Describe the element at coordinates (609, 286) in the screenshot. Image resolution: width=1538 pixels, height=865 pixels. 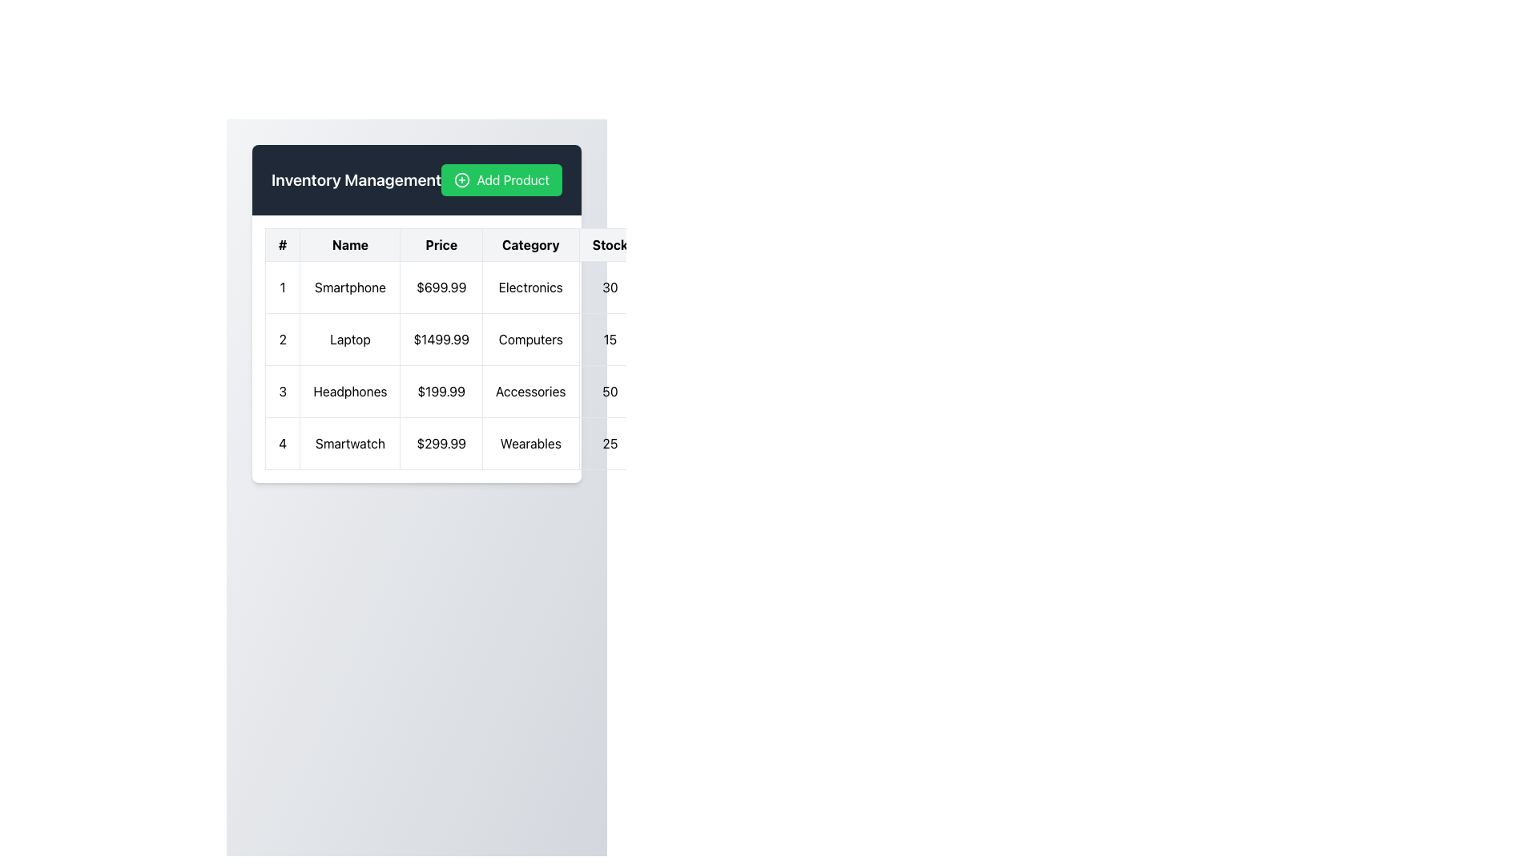
I see `the text field displaying the numeric value '30' in the fifth column of the first row of the table` at that location.